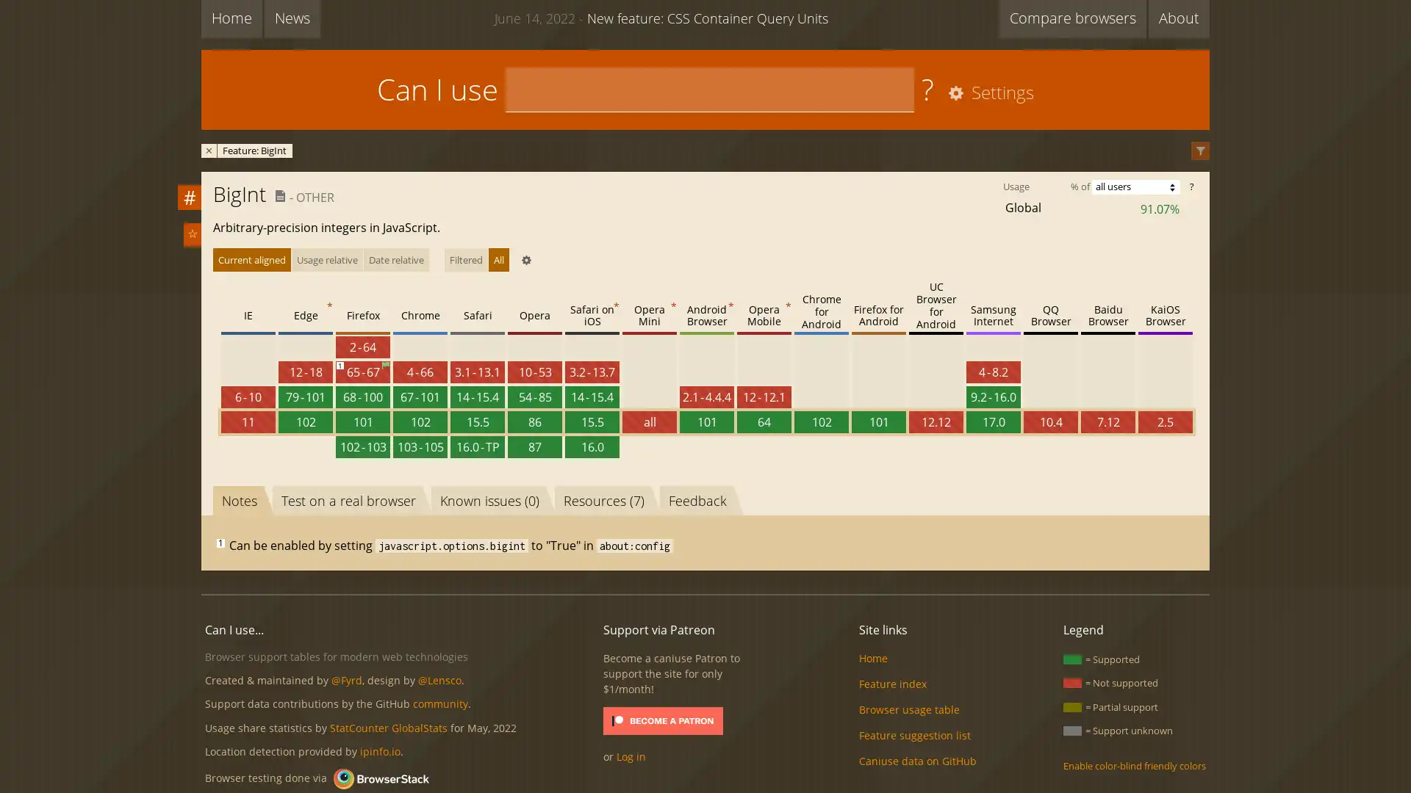 The image size is (1411, 793). Describe the element at coordinates (208, 150) in the screenshot. I see `Remove filter` at that location.